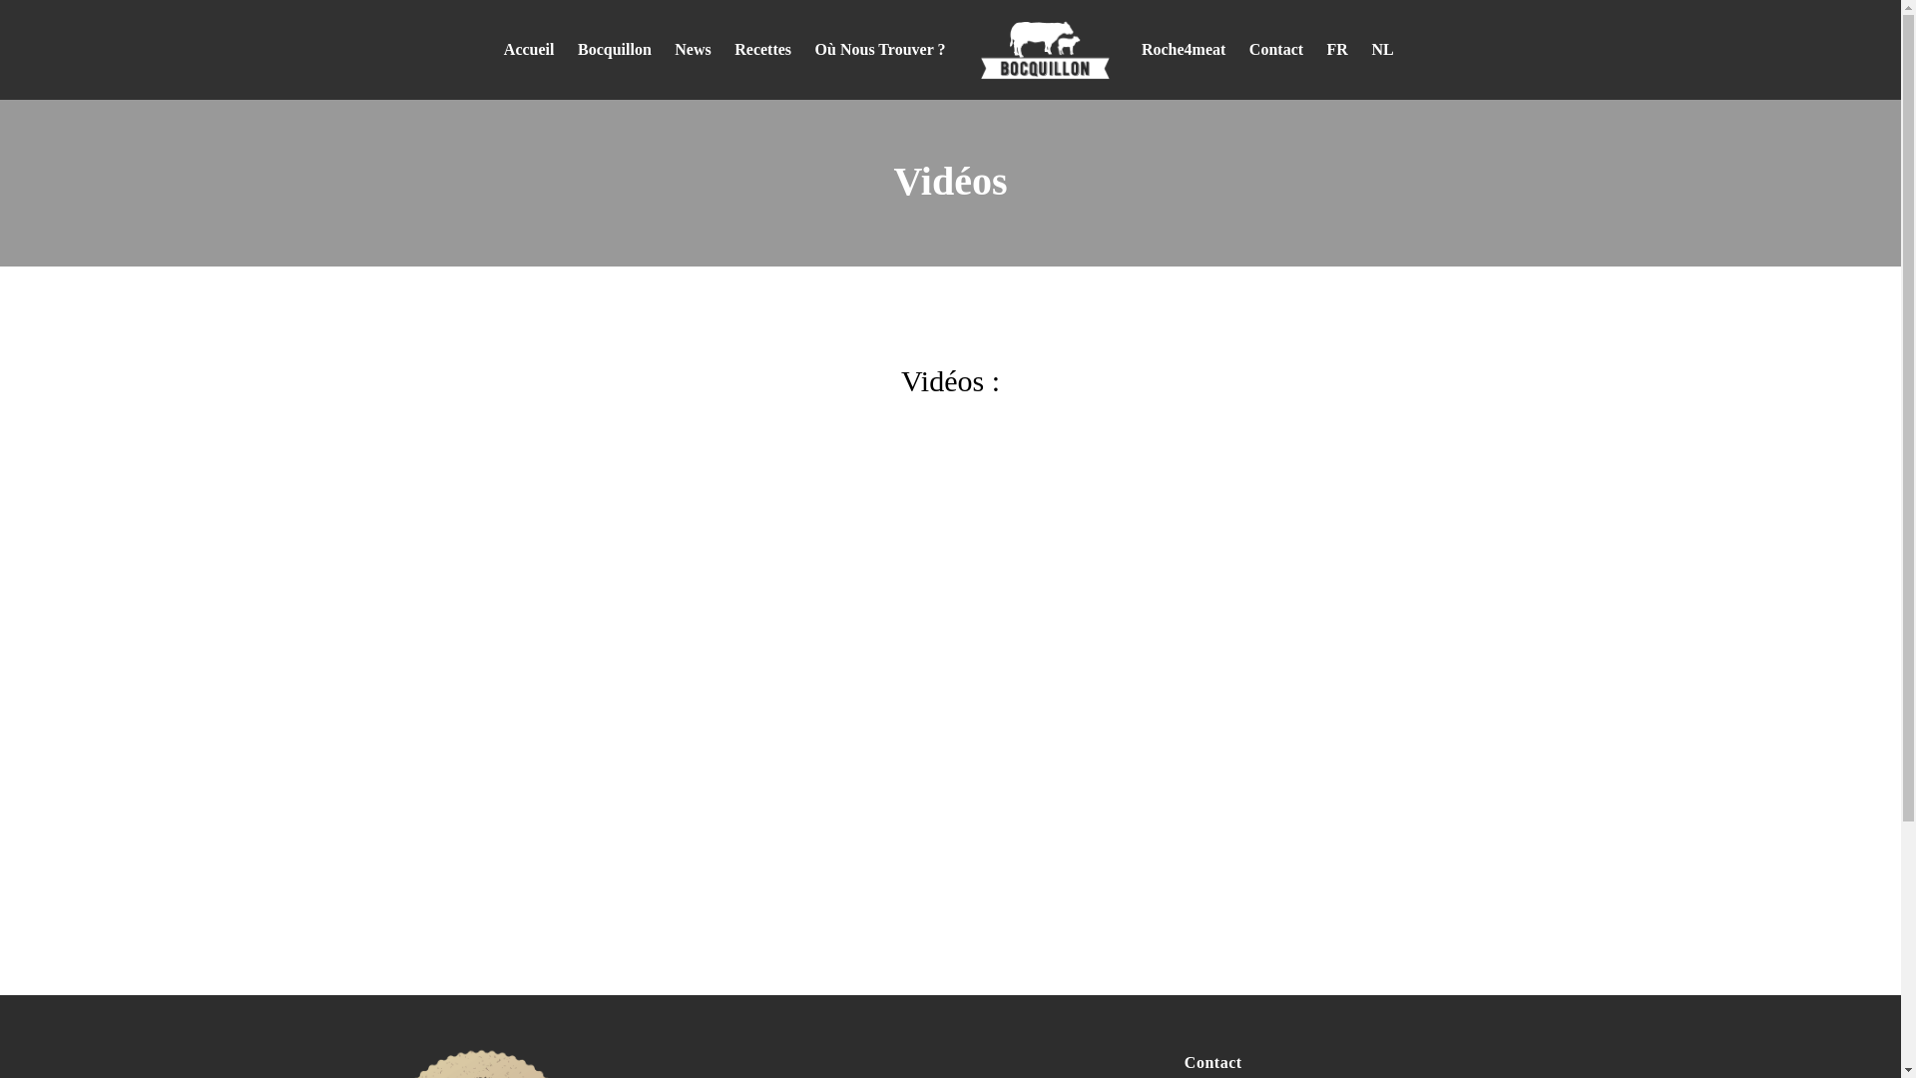  Describe the element at coordinates (1131, 49) in the screenshot. I see `'Roche4meat'` at that location.